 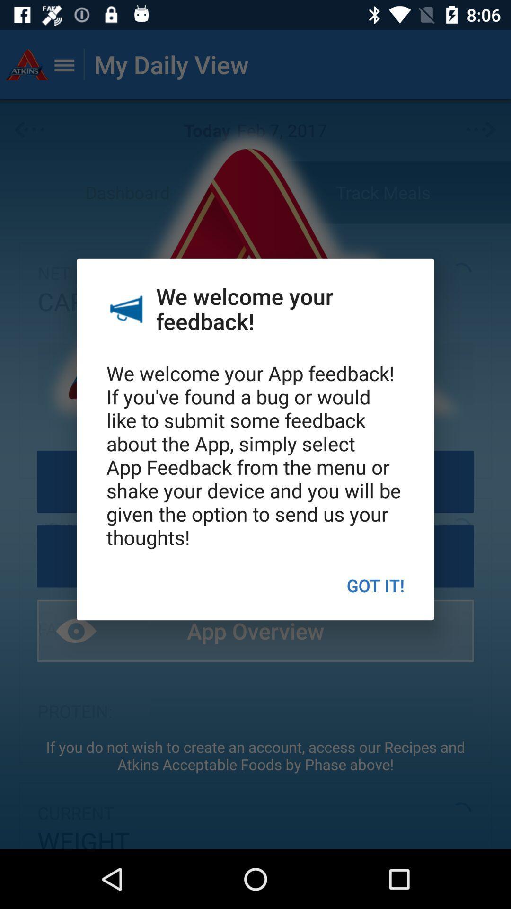 I want to click on the item below the we welcome your icon, so click(x=375, y=585).